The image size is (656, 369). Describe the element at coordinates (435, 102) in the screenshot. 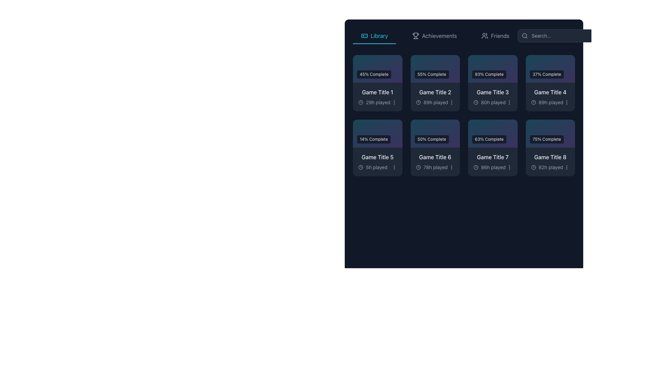

I see `the text display showing total hours played for 'Game Title 2', positioned below the game title in the card layout` at that location.